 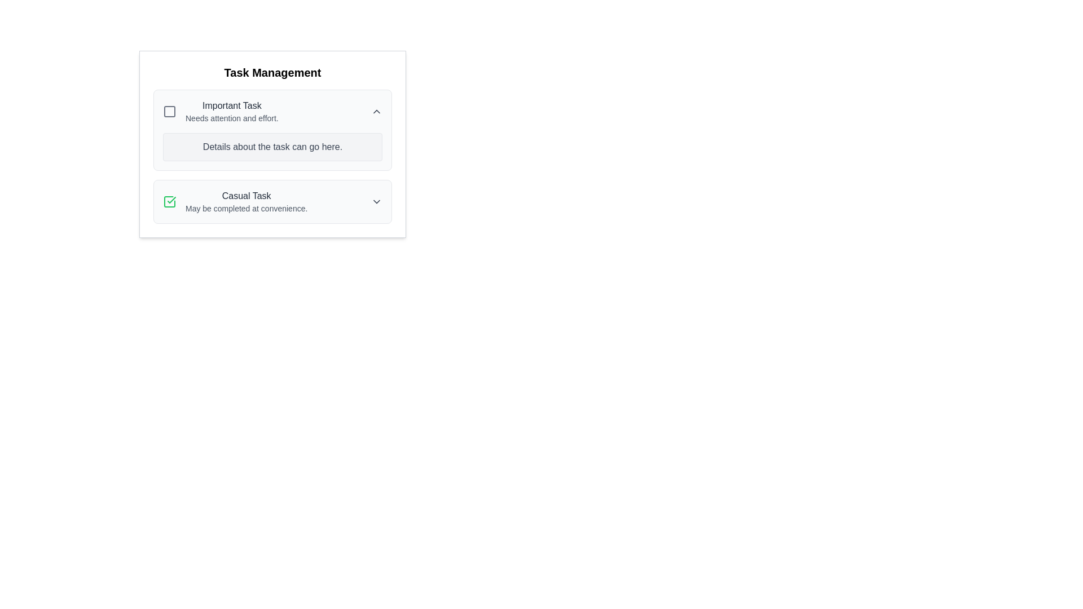 I want to click on the checkbox icon located to the left of the text 'Important Task' in the first task box of the 'Task Management' section, so click(x=169, y=111).